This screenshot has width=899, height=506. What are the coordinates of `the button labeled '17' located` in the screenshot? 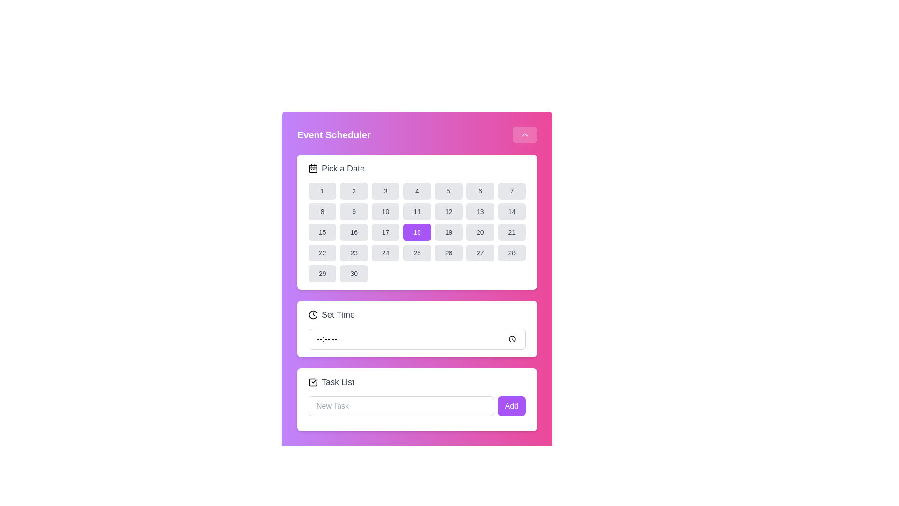 It's located at (385, 232).